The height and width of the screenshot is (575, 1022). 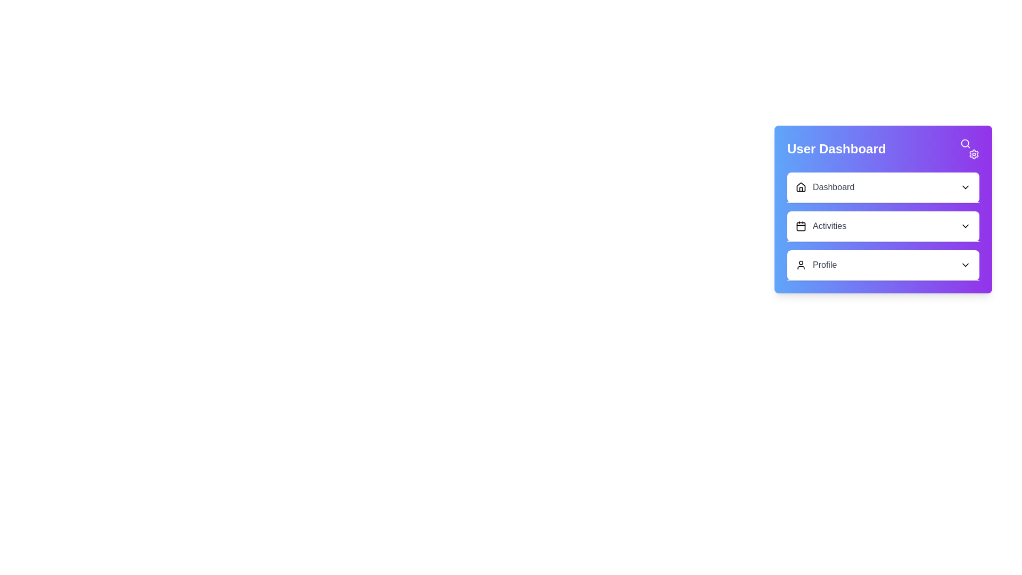 I want to click on the magnifying glass icon button on the top-right of the User Dashboard to initiate a search, so click(x=966, y=144).